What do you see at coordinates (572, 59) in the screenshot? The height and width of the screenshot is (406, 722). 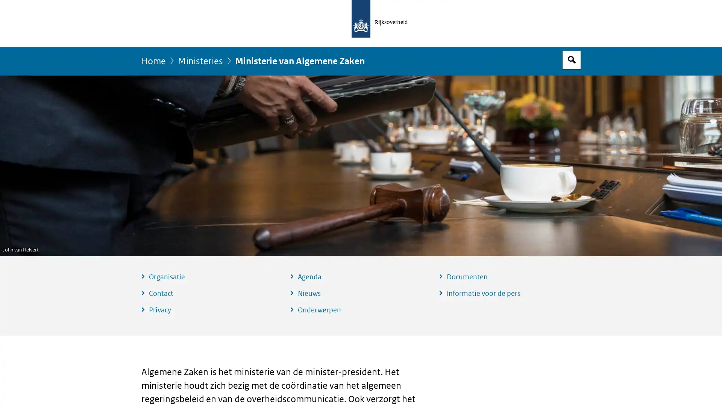 I see `Open zoekveld` at bounding box center [572, 59].